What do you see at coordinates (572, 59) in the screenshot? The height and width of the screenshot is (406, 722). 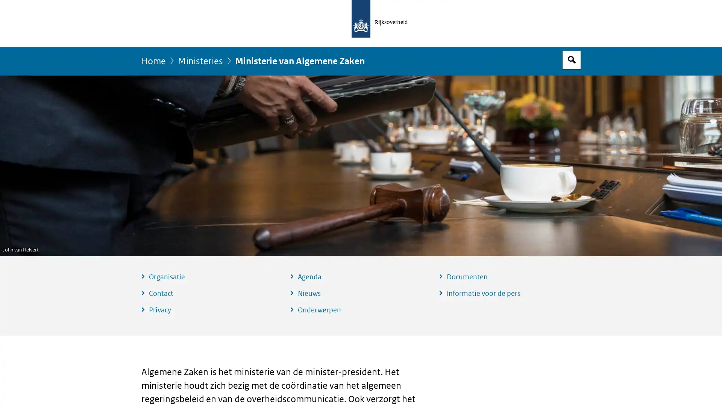 I see `Open zoekveld` at bounding box center [572, 59].